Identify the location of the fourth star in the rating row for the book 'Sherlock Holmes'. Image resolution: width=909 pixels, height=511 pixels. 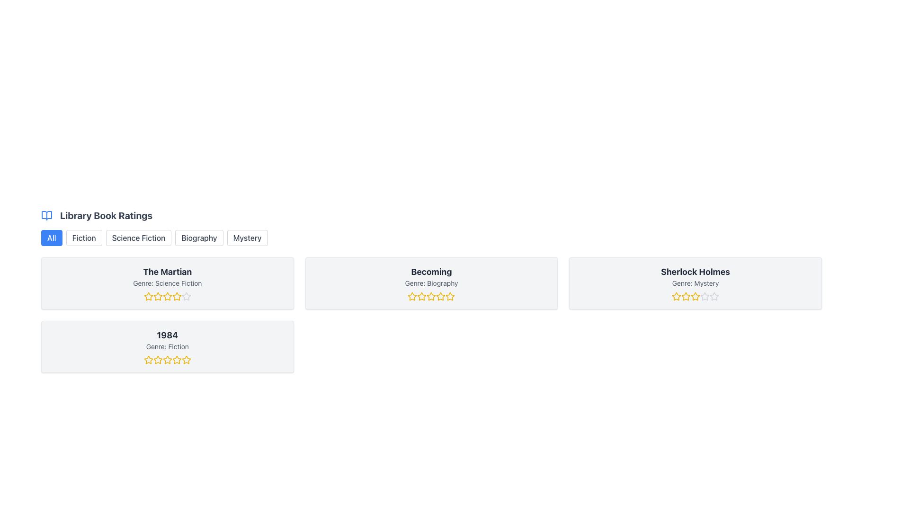
(714, 296).